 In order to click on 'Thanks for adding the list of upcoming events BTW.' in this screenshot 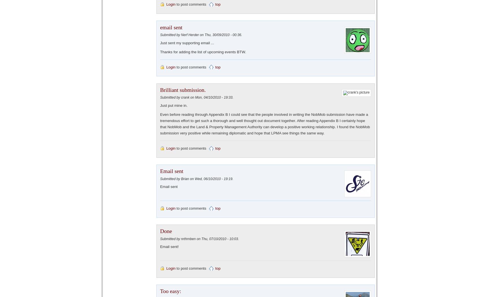, I will do `click(203, 51)`.